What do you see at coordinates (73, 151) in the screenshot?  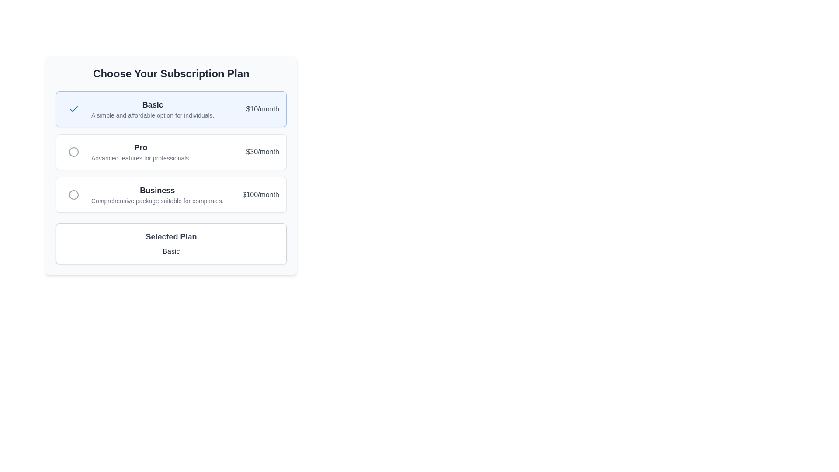 I see `the circular radio button representing the unselected state for the 'Pro' subscription option` at bounding box center [73, 151].